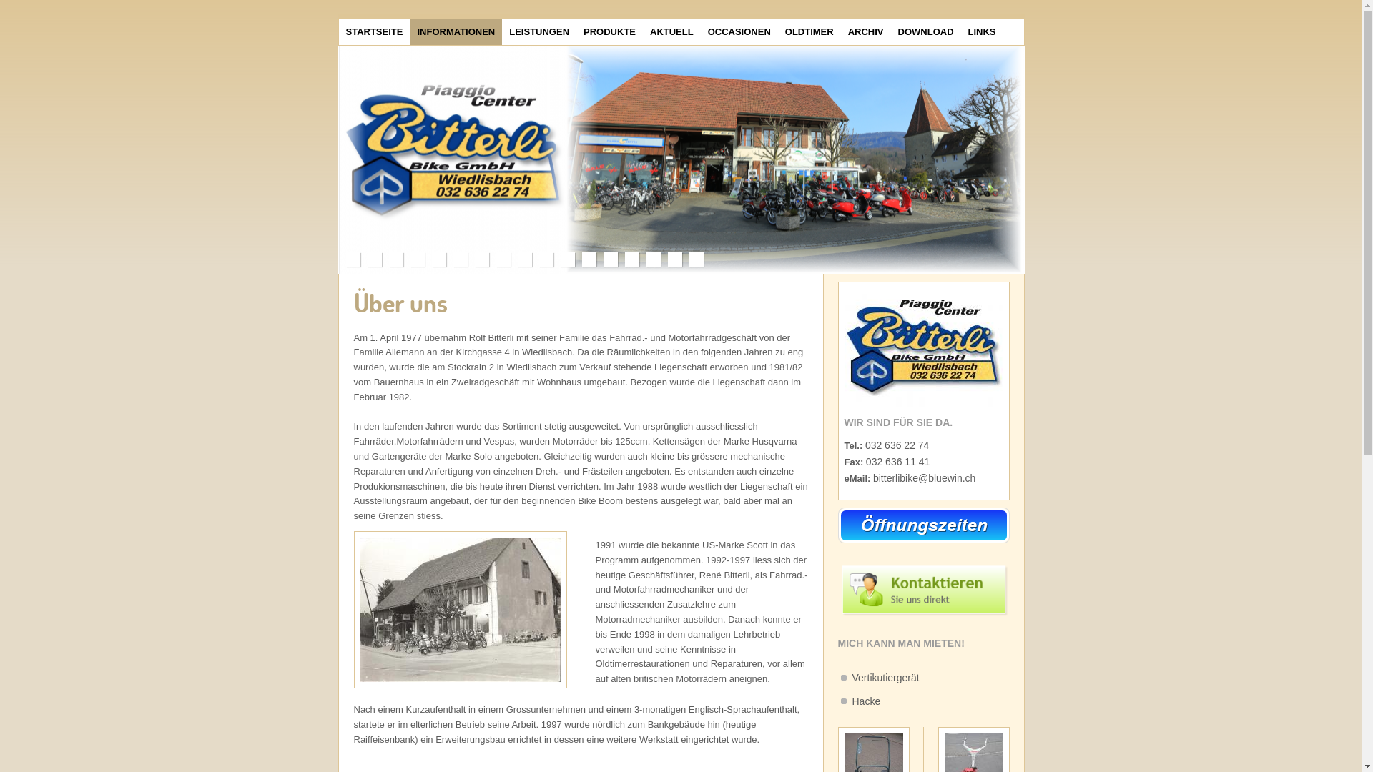  Describe the element at coordinates (890, 31) in the screenshot. I see `'DOWNLOAD'` at that location.